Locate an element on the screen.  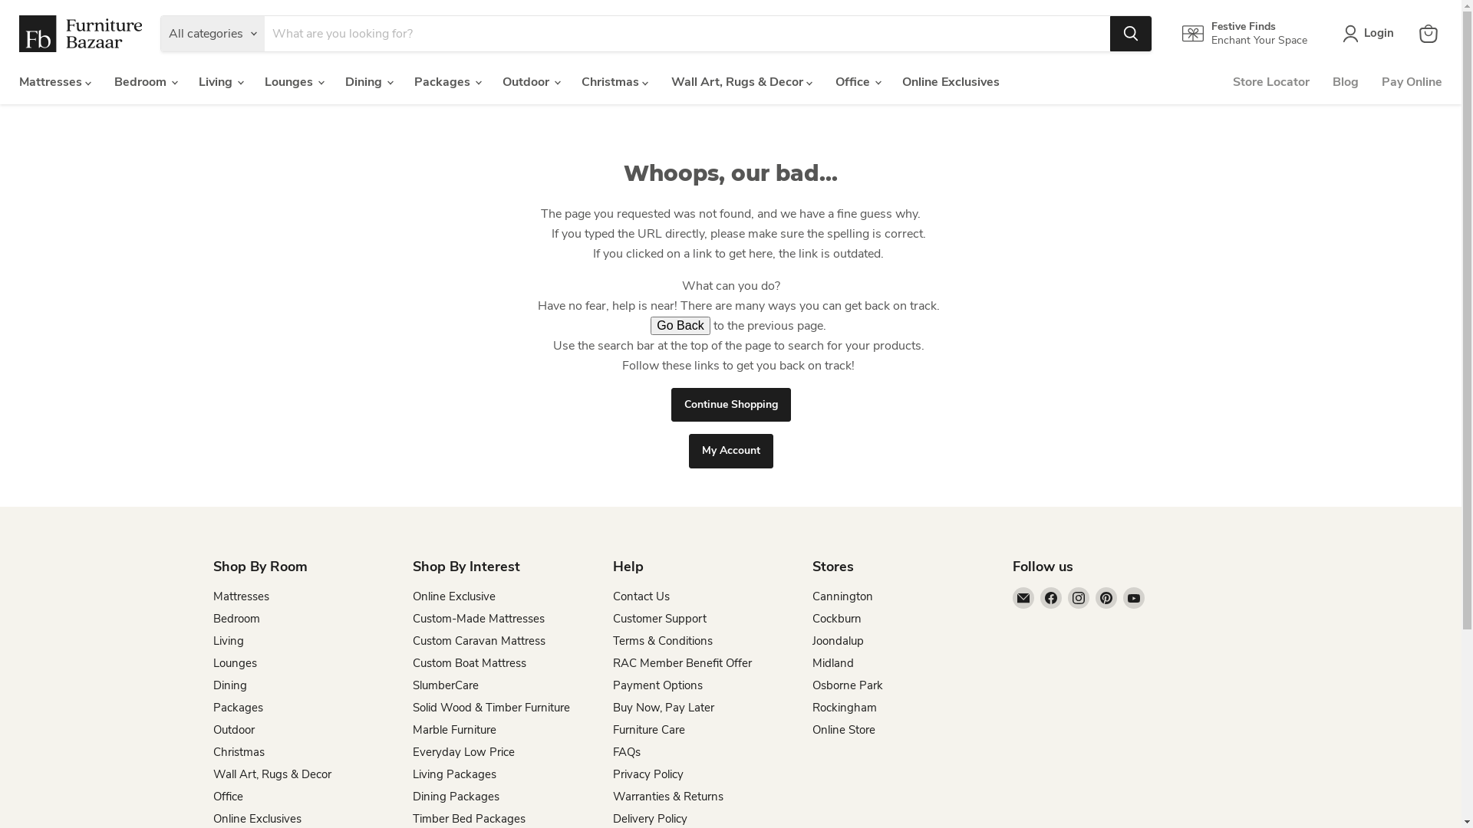
'Cannington' is located at coordinates (812, 596).